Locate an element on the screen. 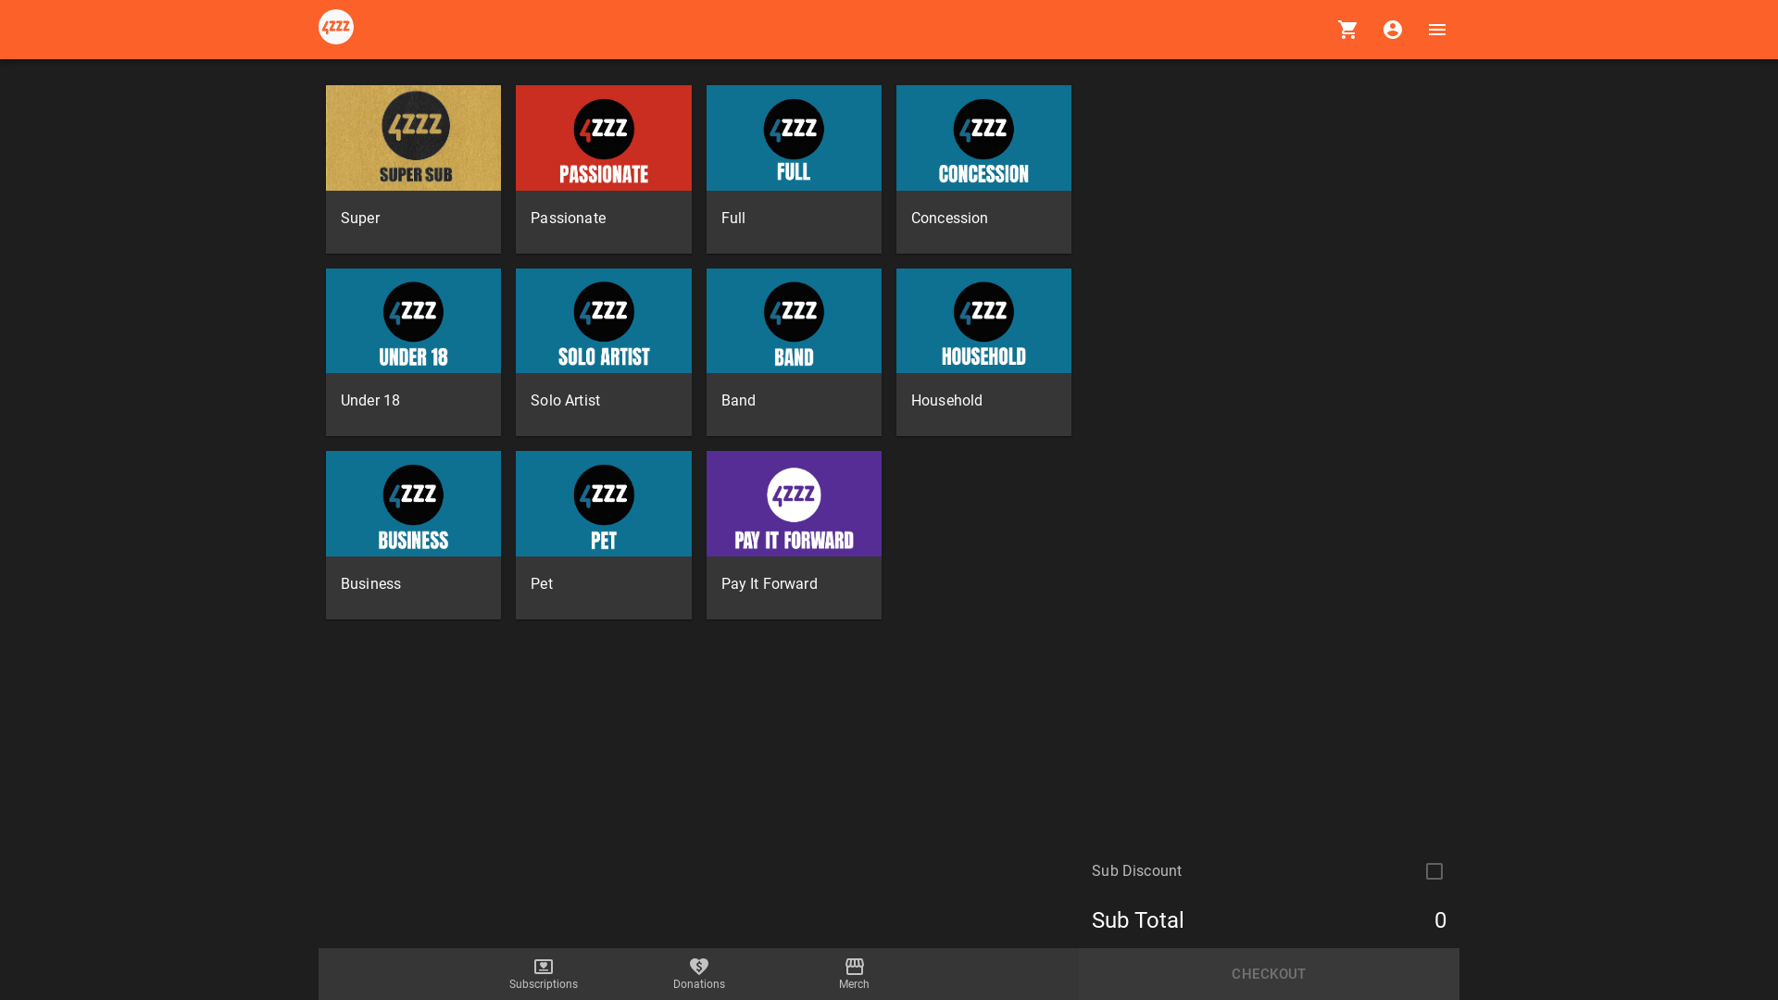 This screenshot has height=1000, width=1778. '0' is located at coordinates (1347, 29).